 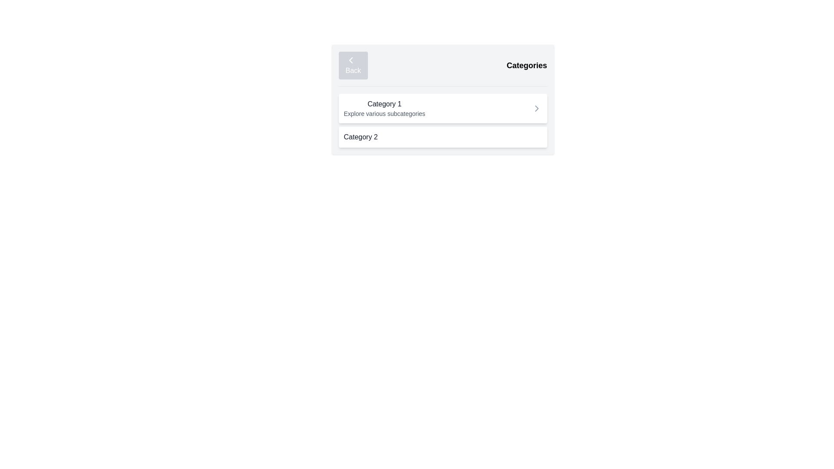 What do you see at coordinates (536, 108) in the screenshot?
I see `the right-facing chevron icon located in the top-right corner of the 'Category 1' line item` at bounding box center [536, 108].